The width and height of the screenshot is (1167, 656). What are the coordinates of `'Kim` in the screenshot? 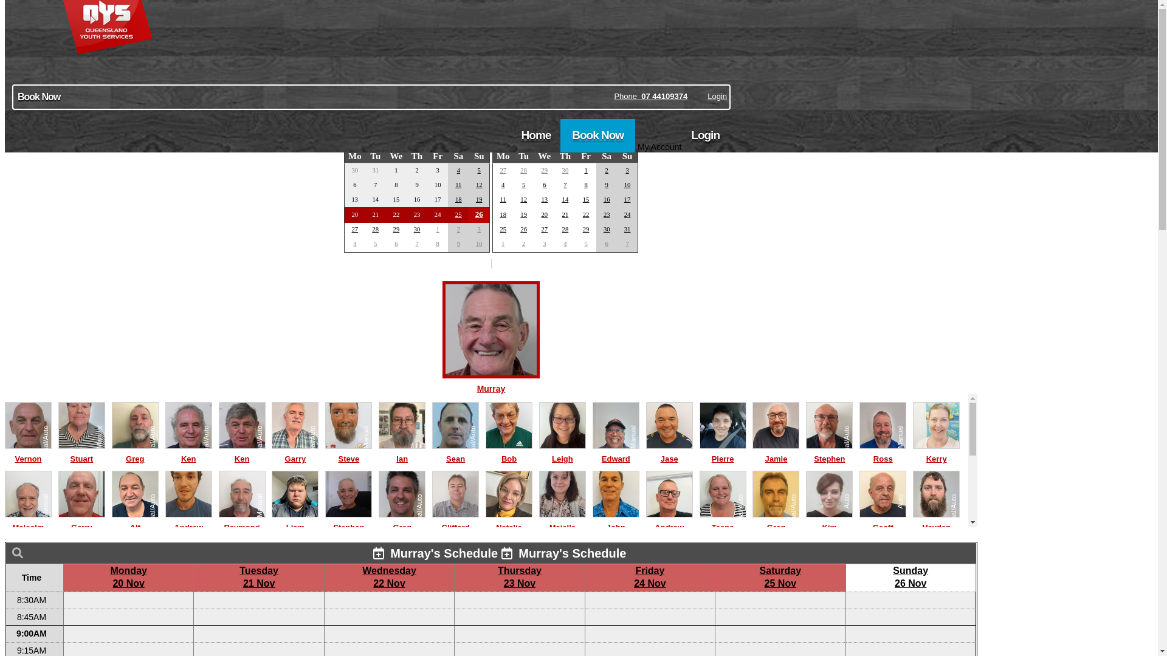 It's located at (828, 521).